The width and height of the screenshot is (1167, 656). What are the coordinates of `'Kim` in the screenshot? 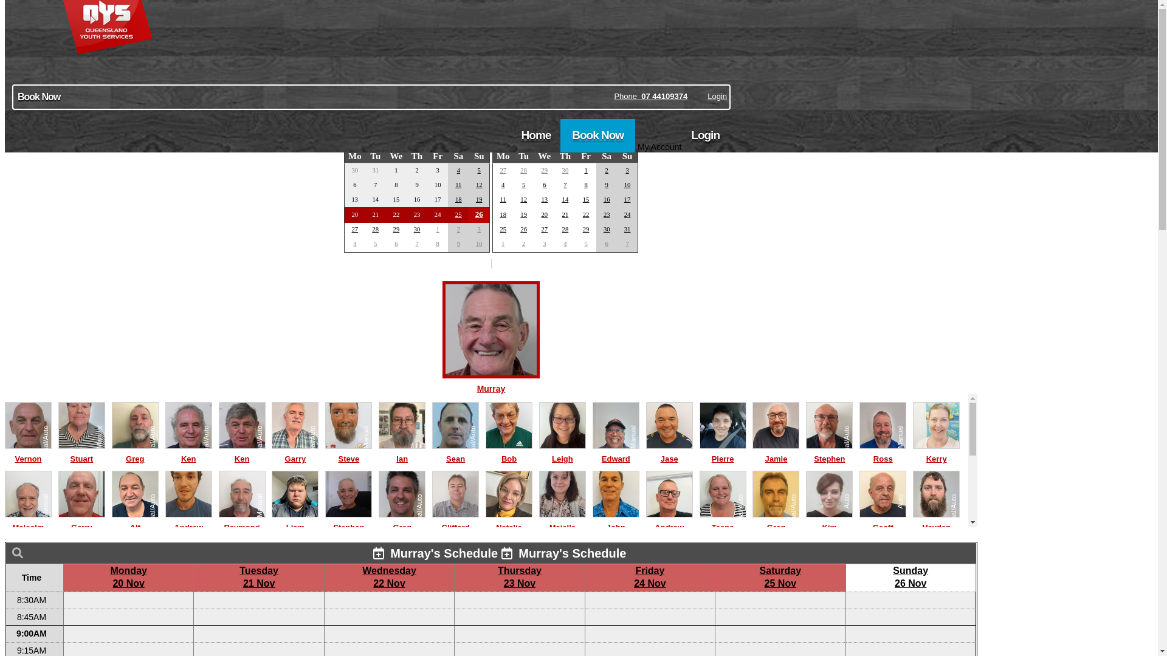 It's located at (828, 521).